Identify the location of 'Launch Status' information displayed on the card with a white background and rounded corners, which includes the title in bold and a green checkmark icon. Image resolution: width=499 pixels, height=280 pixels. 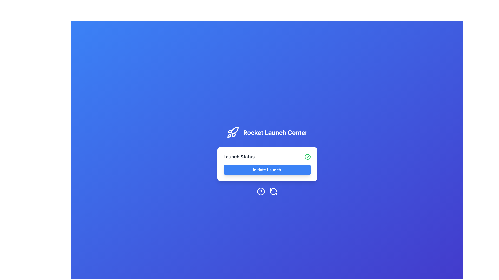
(267, 164).